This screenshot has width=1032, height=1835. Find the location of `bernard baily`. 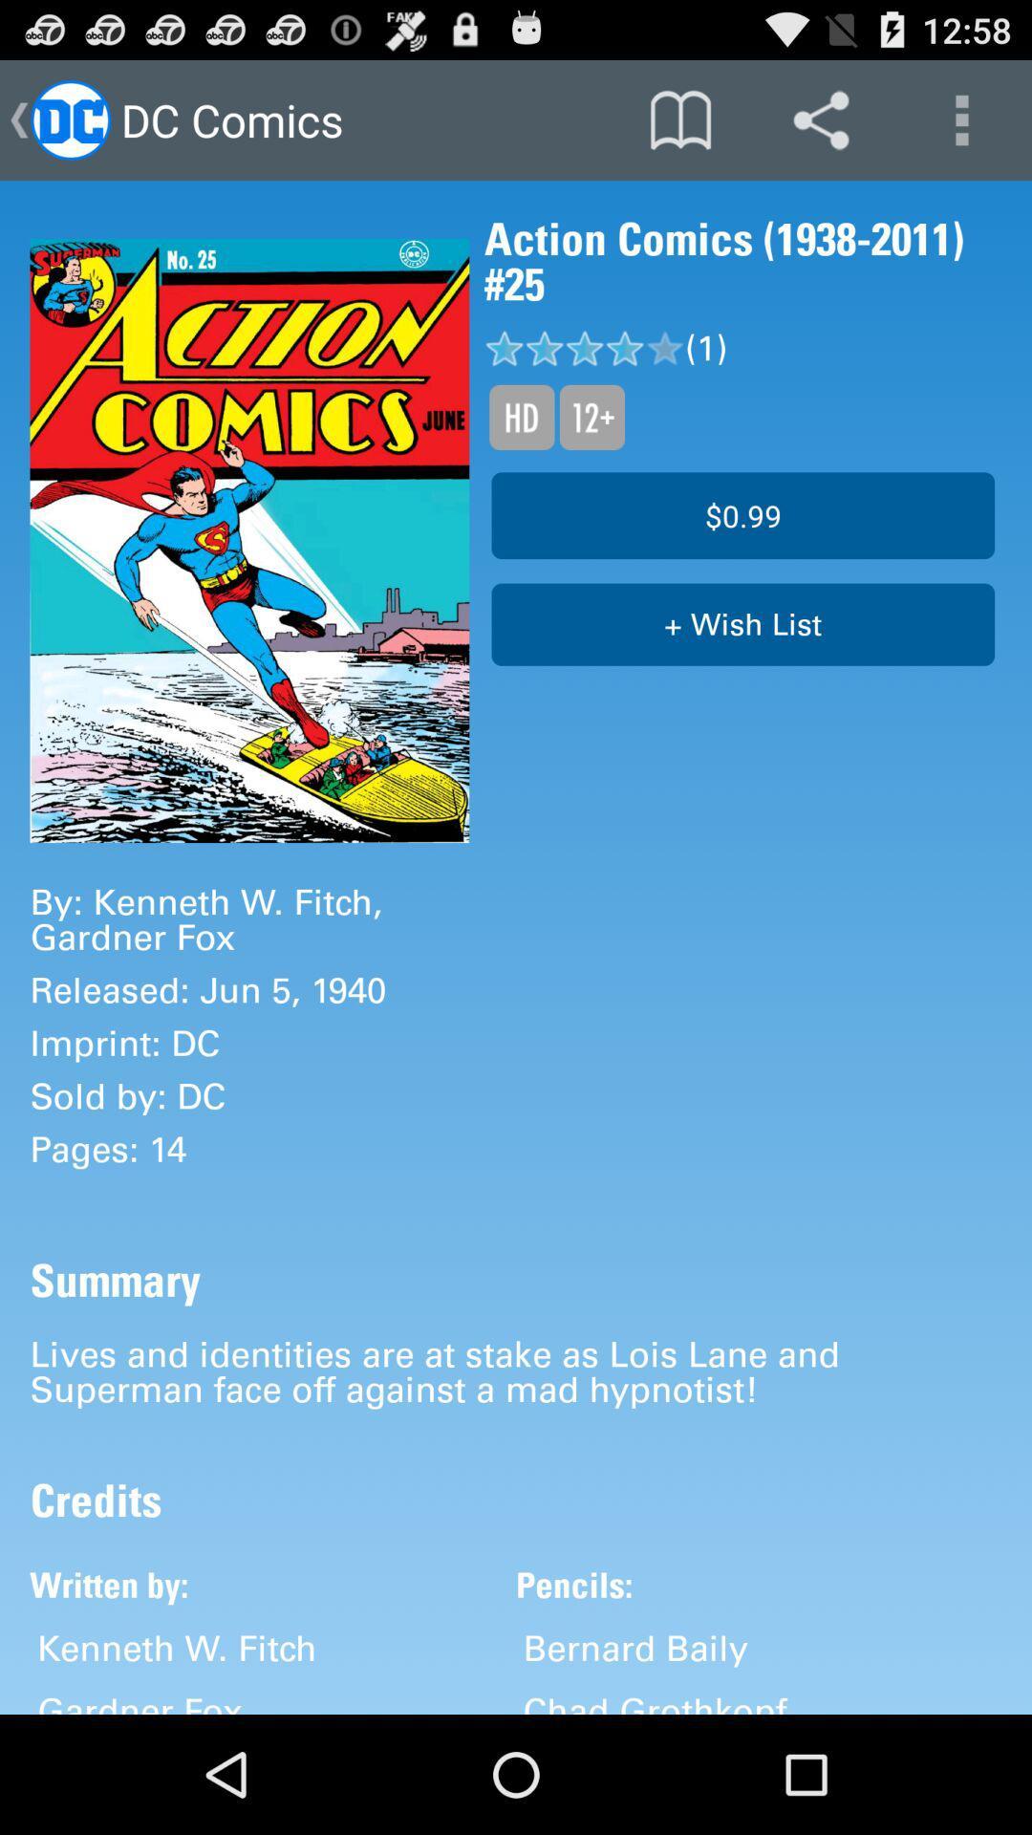

bernard baily is located at coordinates (635, 1647).